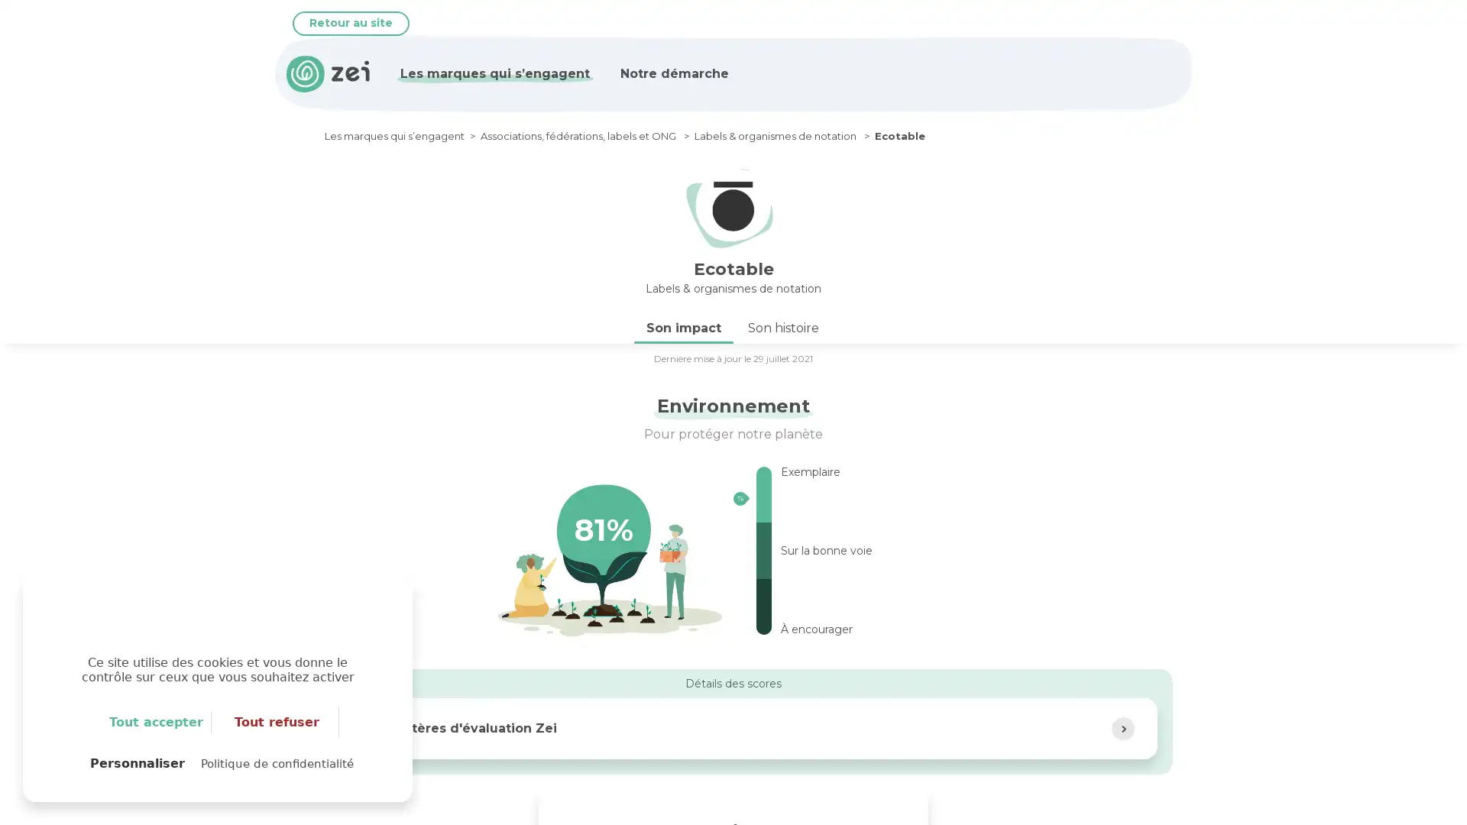  What do you see at coordinates (682, 326) in the screenshot?
I see `Son impact` at bounding box center [682, 326].